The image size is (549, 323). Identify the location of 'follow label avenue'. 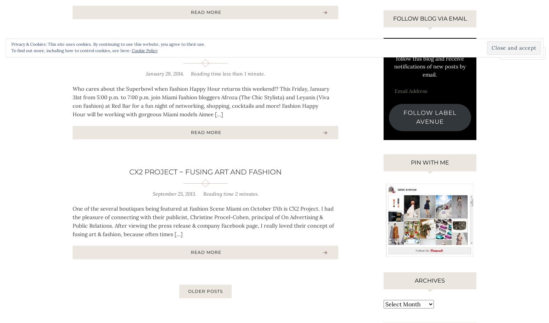
(430, 116).